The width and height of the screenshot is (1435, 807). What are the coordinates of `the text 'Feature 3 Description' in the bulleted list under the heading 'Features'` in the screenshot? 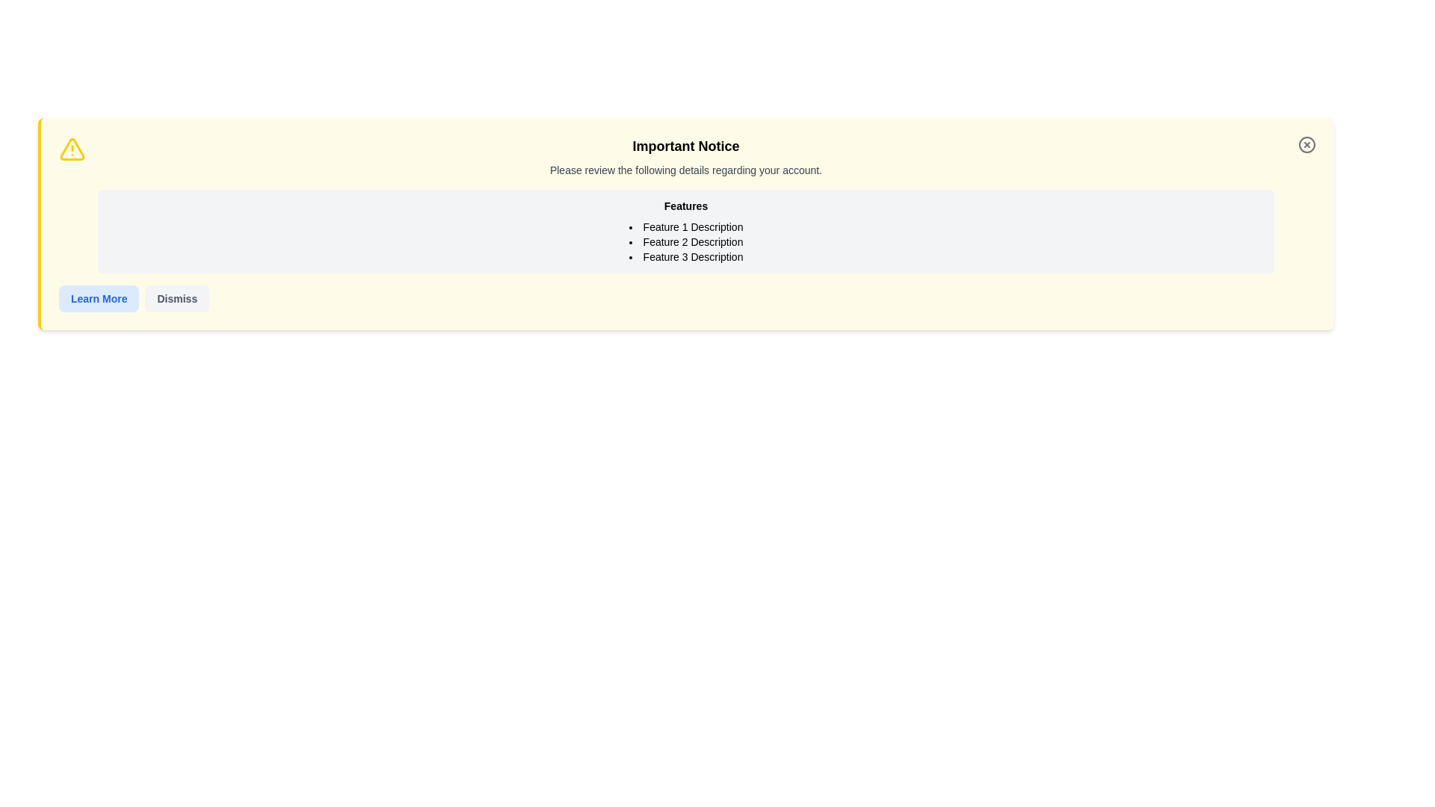 It's located at (685, 256).